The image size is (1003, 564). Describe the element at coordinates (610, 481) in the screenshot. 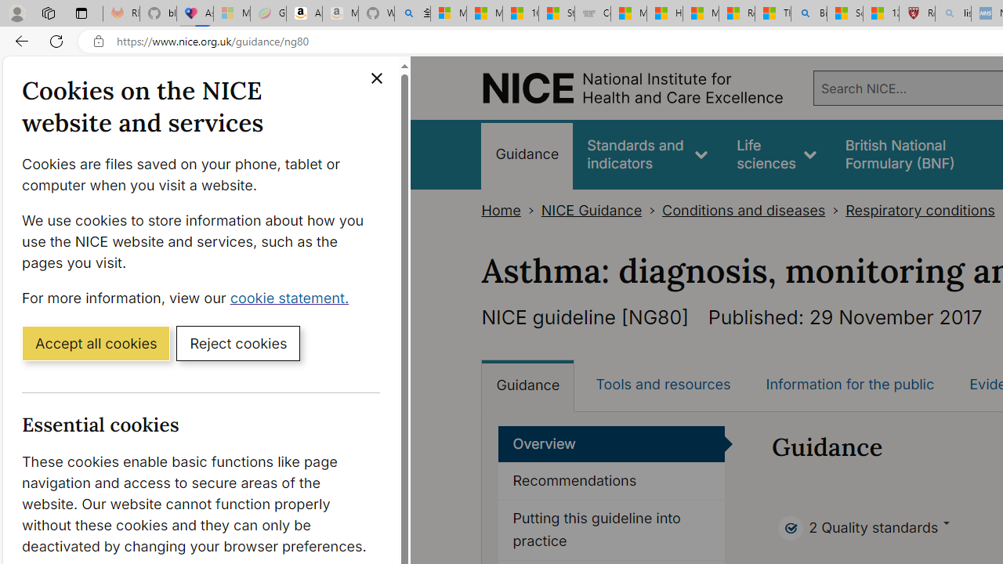

I see `'Recommendations'` at that location.